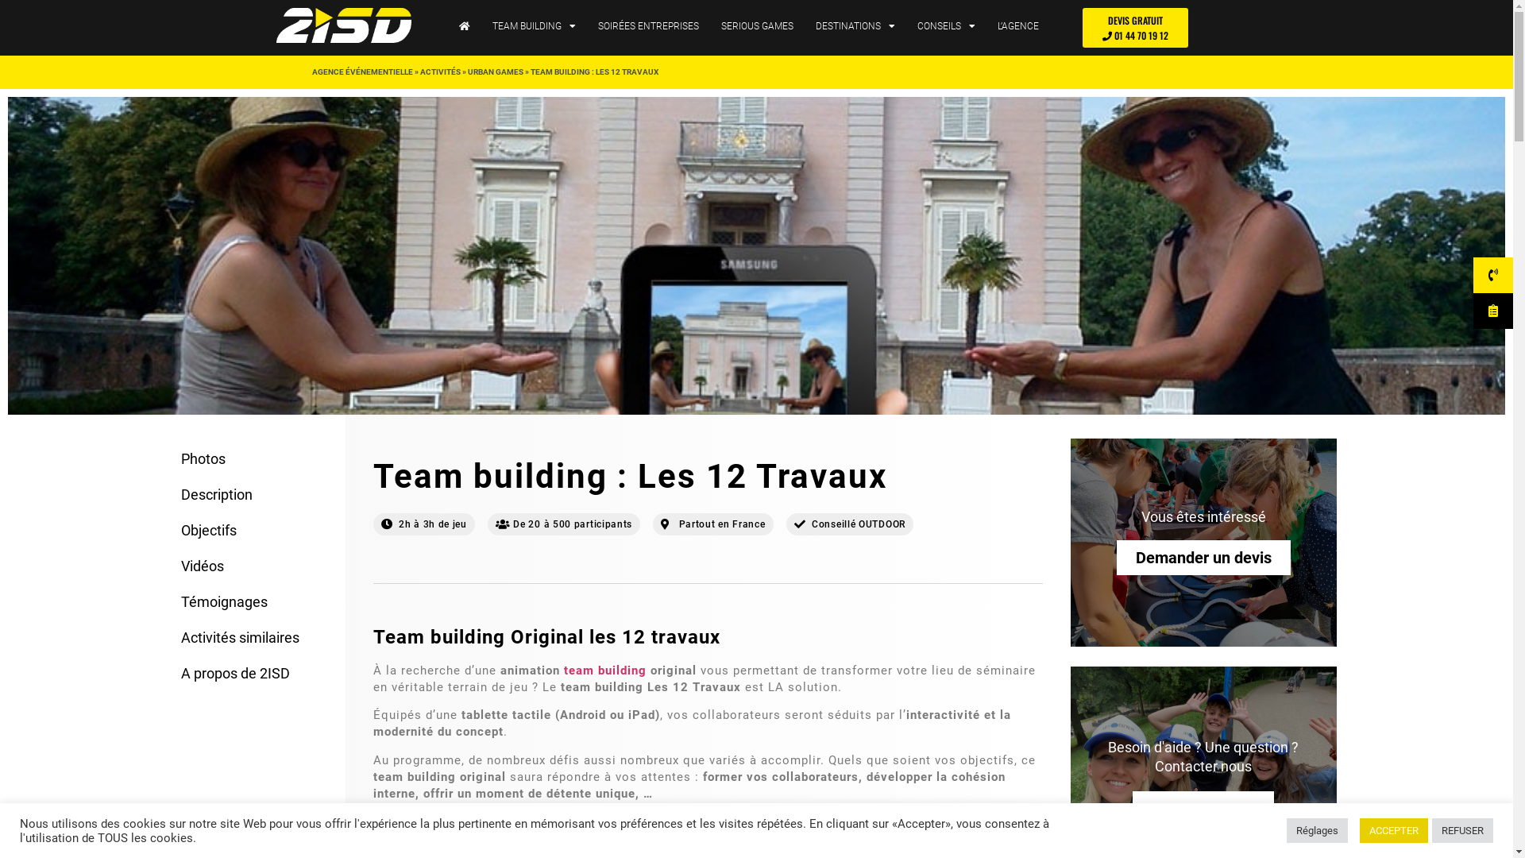 This screenshot has width=1525, height=858. Describe the element at coordinates (256, 458) in the screenshot. I see `'Photos'` at that location.